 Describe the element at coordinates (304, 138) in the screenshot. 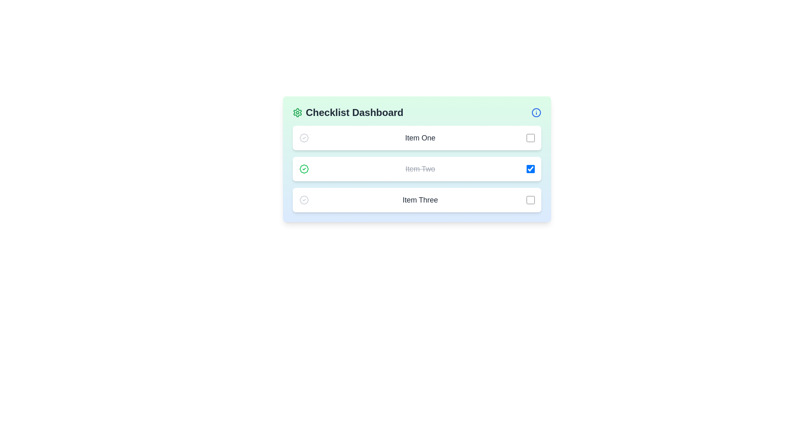

I see `the graphical badge icon next to the 'Item One' row to associate its meaning with that item` at that location.